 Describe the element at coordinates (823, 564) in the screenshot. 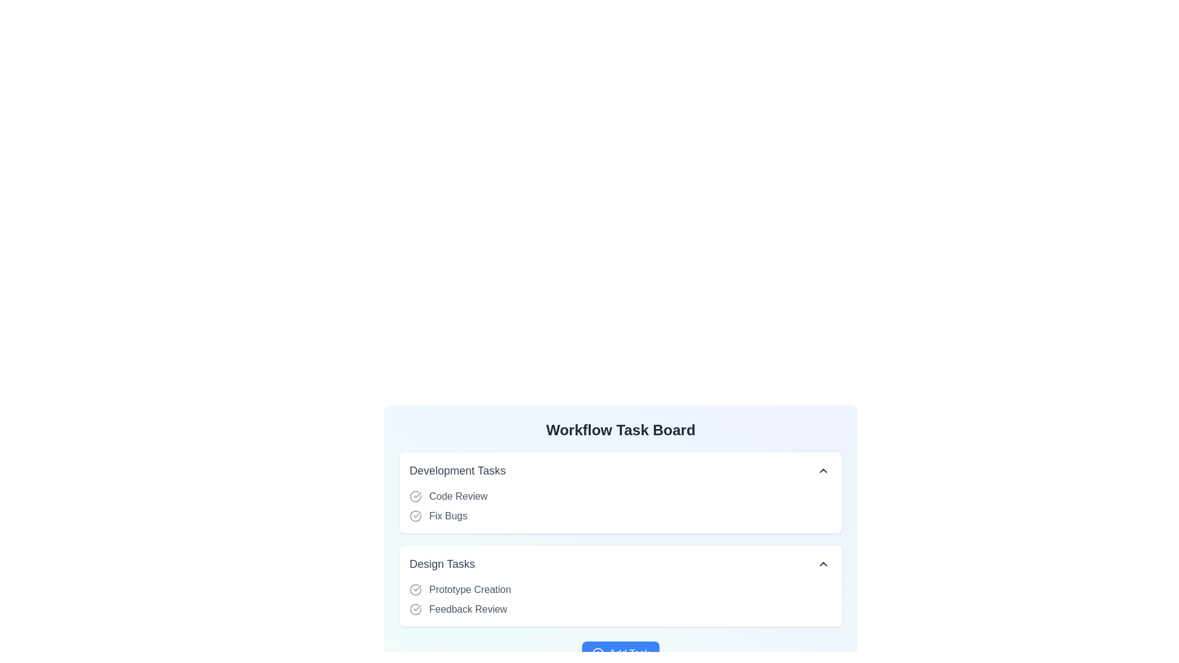

I see `the circular Collapsible section toggle button with an upward-pointing chevron icon located to the far right side of the 'Design Tasks' header` at that location.